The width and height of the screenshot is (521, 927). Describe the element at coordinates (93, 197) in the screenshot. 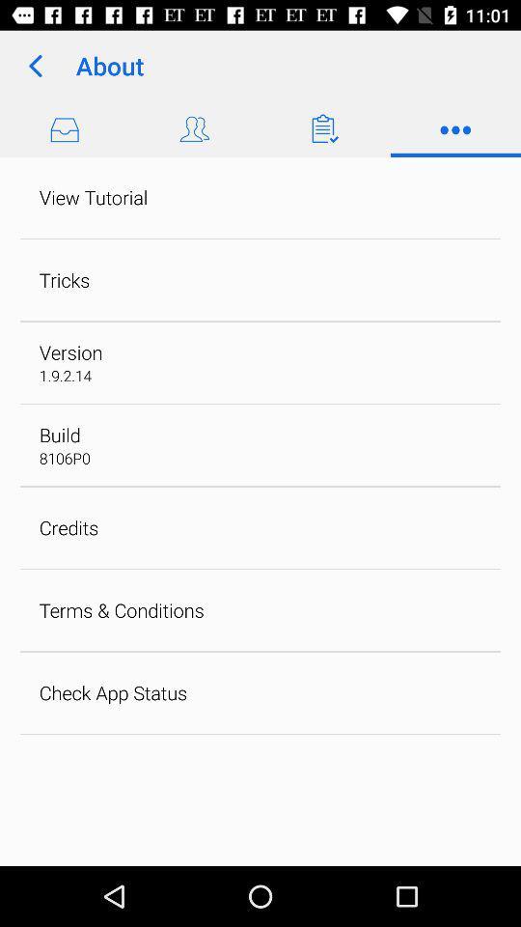

I see `view tutorial icon` at that location.